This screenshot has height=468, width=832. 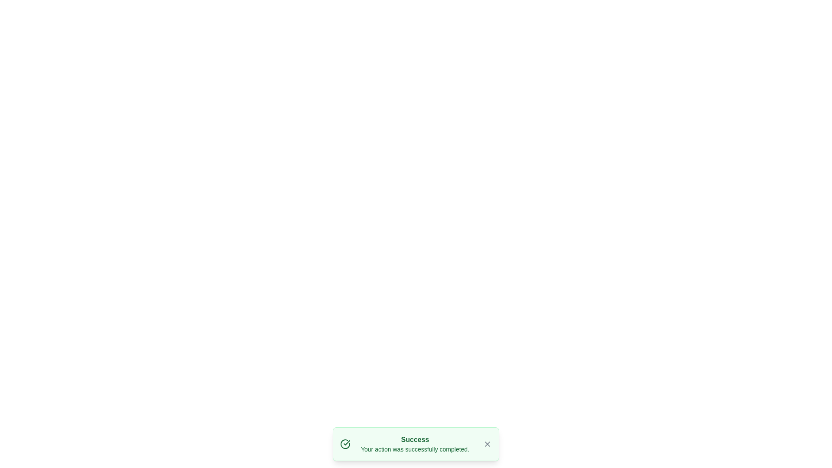 I want to click on the success confirmation icon located on the leftmost side of the notification message, preceding the text content, so click(x=344, y=444).